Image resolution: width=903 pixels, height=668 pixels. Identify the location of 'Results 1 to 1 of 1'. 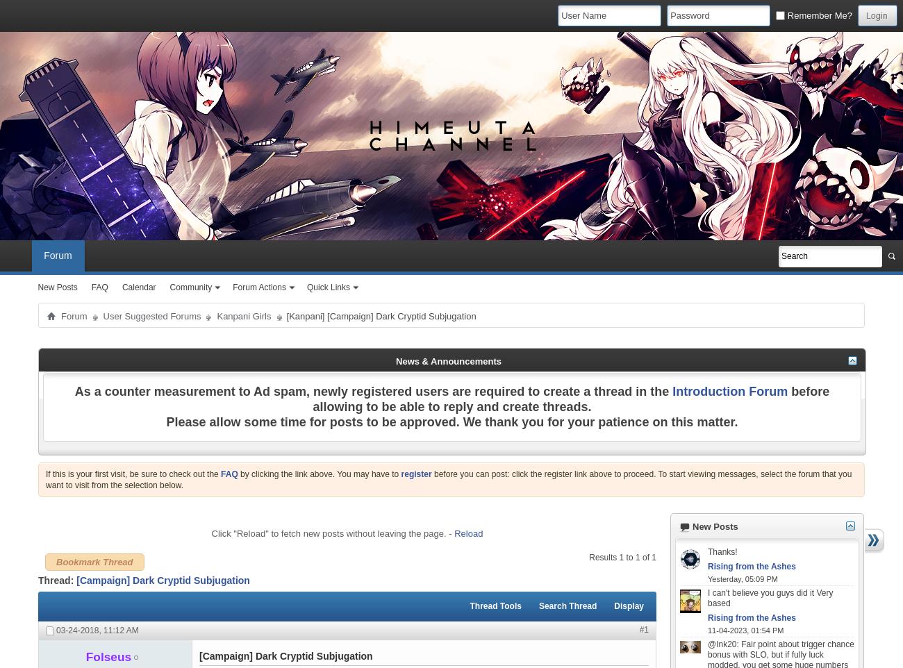
(622, 556).